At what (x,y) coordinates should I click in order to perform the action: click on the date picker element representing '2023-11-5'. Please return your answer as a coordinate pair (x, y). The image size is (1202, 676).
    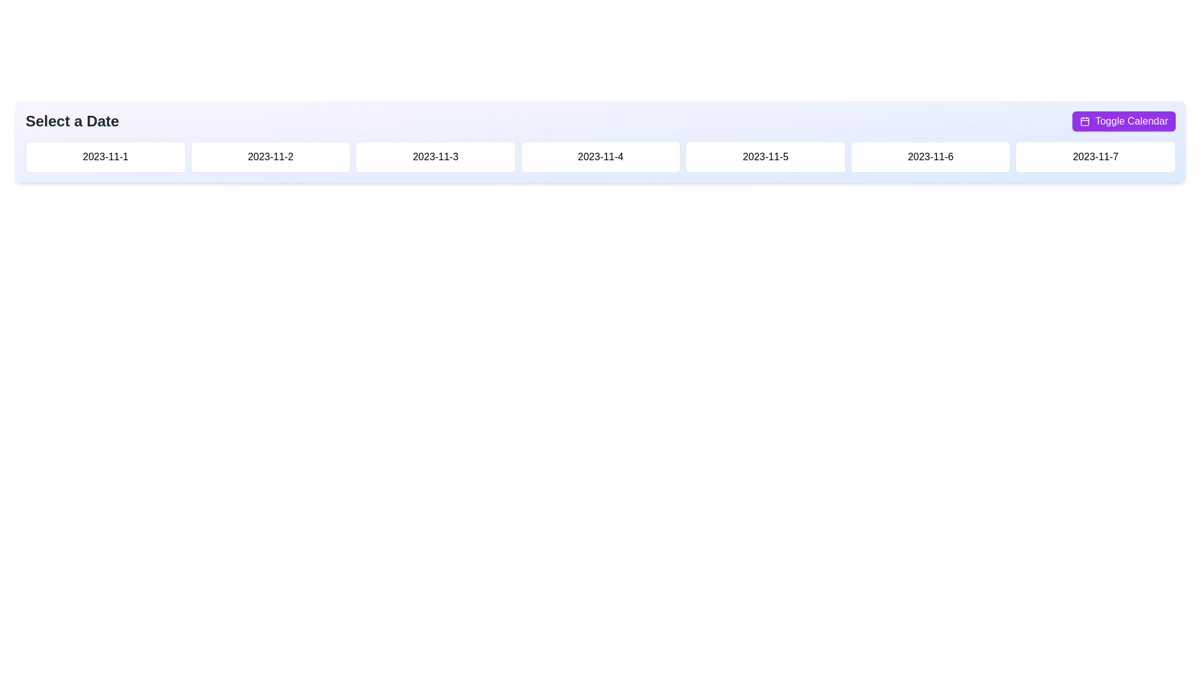
    Looking at the image, I should click on (765, 156).